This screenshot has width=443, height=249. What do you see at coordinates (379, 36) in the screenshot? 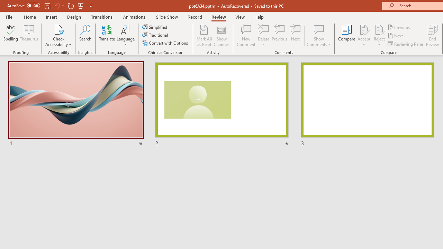
I see `'Reject'` at bounding box center [379, 36].